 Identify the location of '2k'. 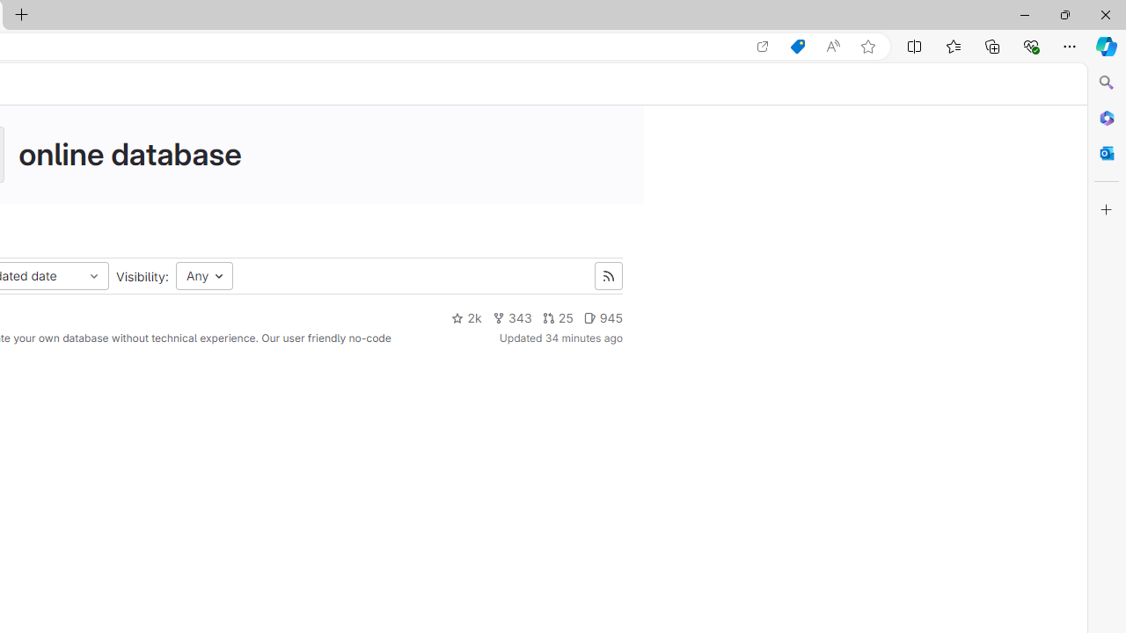
(466, 318).